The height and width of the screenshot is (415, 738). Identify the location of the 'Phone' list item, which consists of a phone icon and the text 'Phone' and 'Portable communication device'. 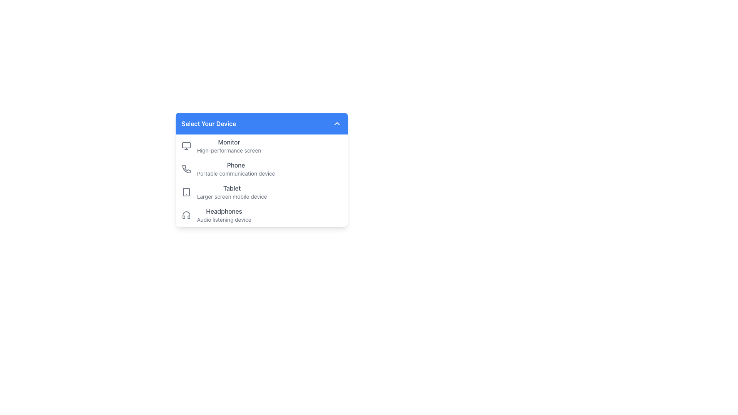
(261, 168).